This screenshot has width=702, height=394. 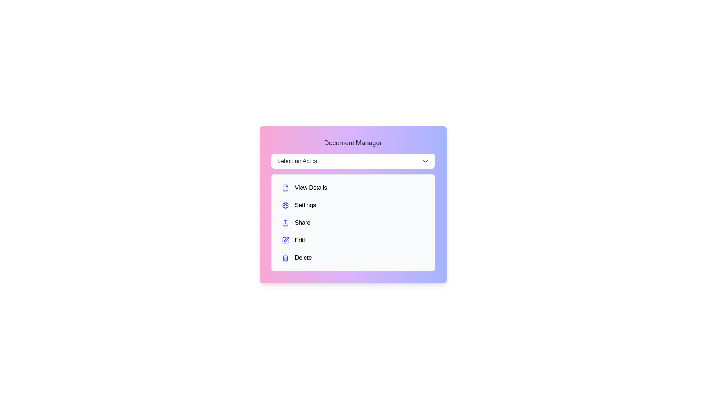 What do you see at coordinates (302, 222) in the screenshot?
I see `the 'Share' text label, which is the third option in the dropdown menu, positioned centrally in the interface` at bounding box center [302, 222].